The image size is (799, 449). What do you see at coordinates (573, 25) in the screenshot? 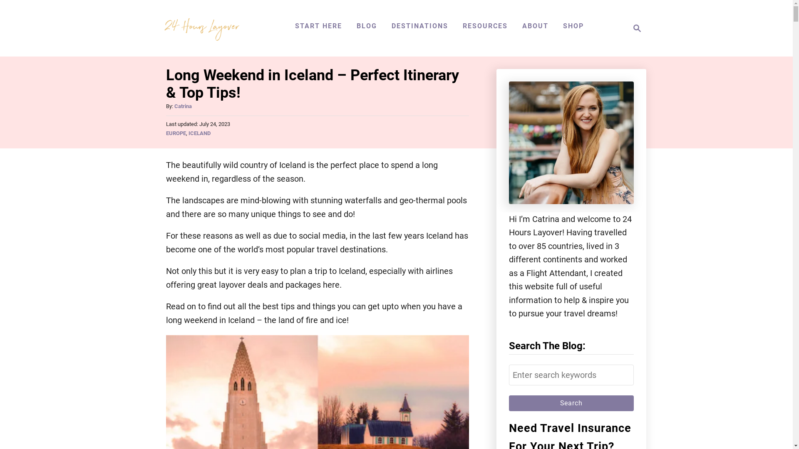
I see `'SHOP'` at bounding box center [573, 25].